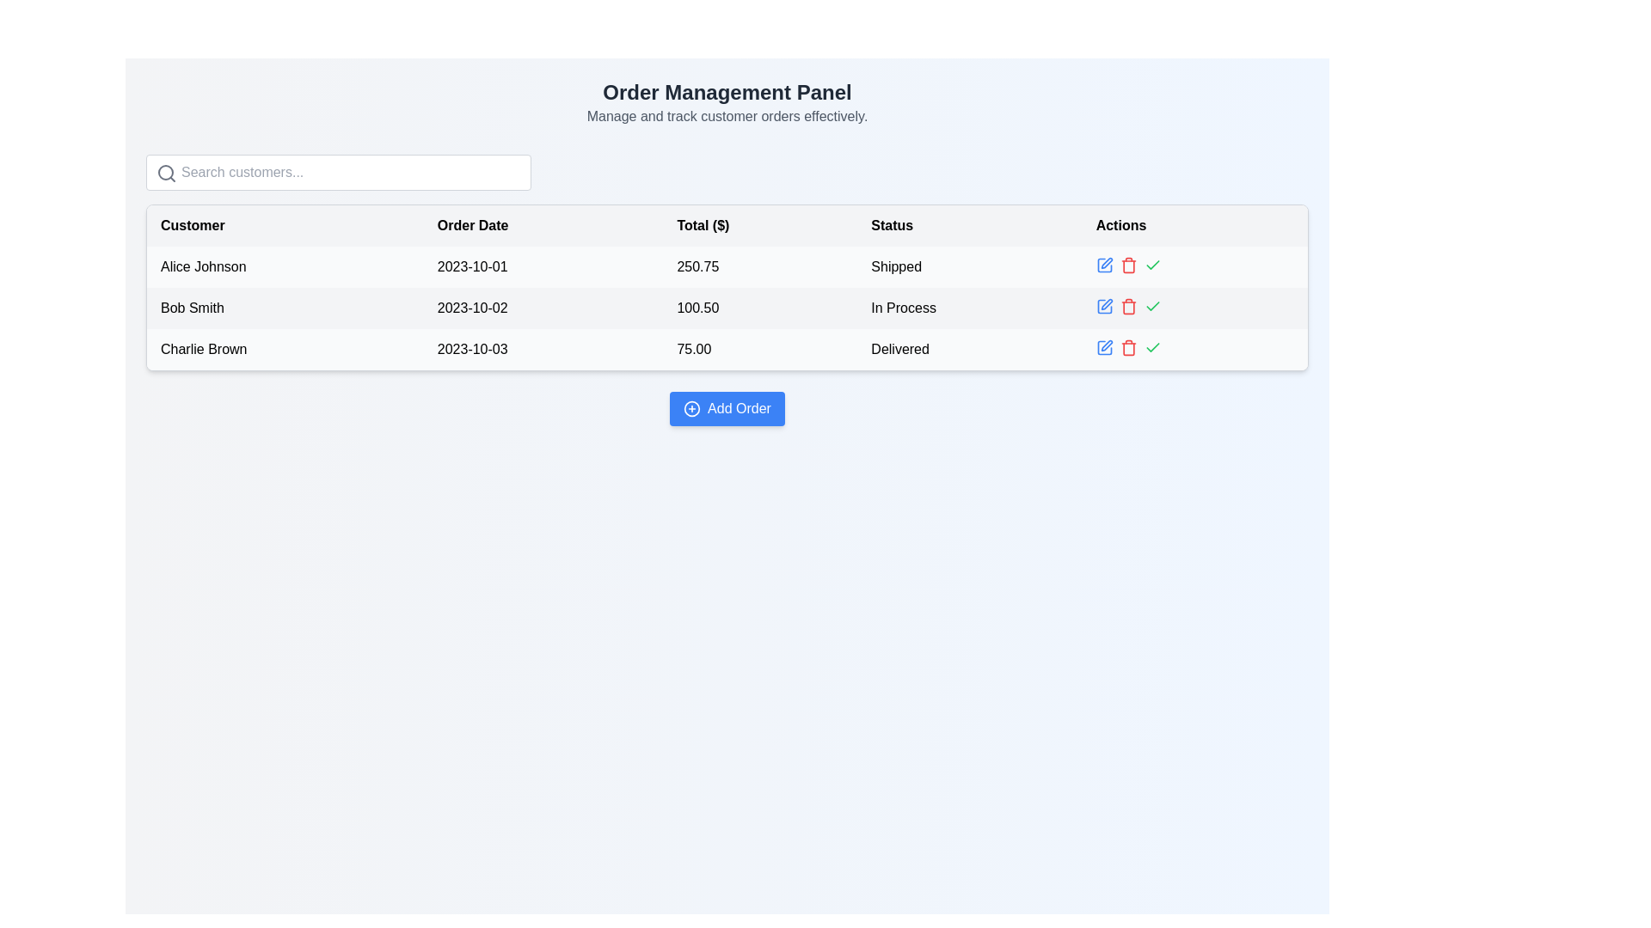 The height and width of the screenshot is (928, 1651). What do you see at coordinates (1104, 348) in the screenshot?
I see `the edit icon in the 'Actions' column of the last row for the 'Delivered' order status associated with 'Charlie Brown'` at bounding box center [1104, 348].